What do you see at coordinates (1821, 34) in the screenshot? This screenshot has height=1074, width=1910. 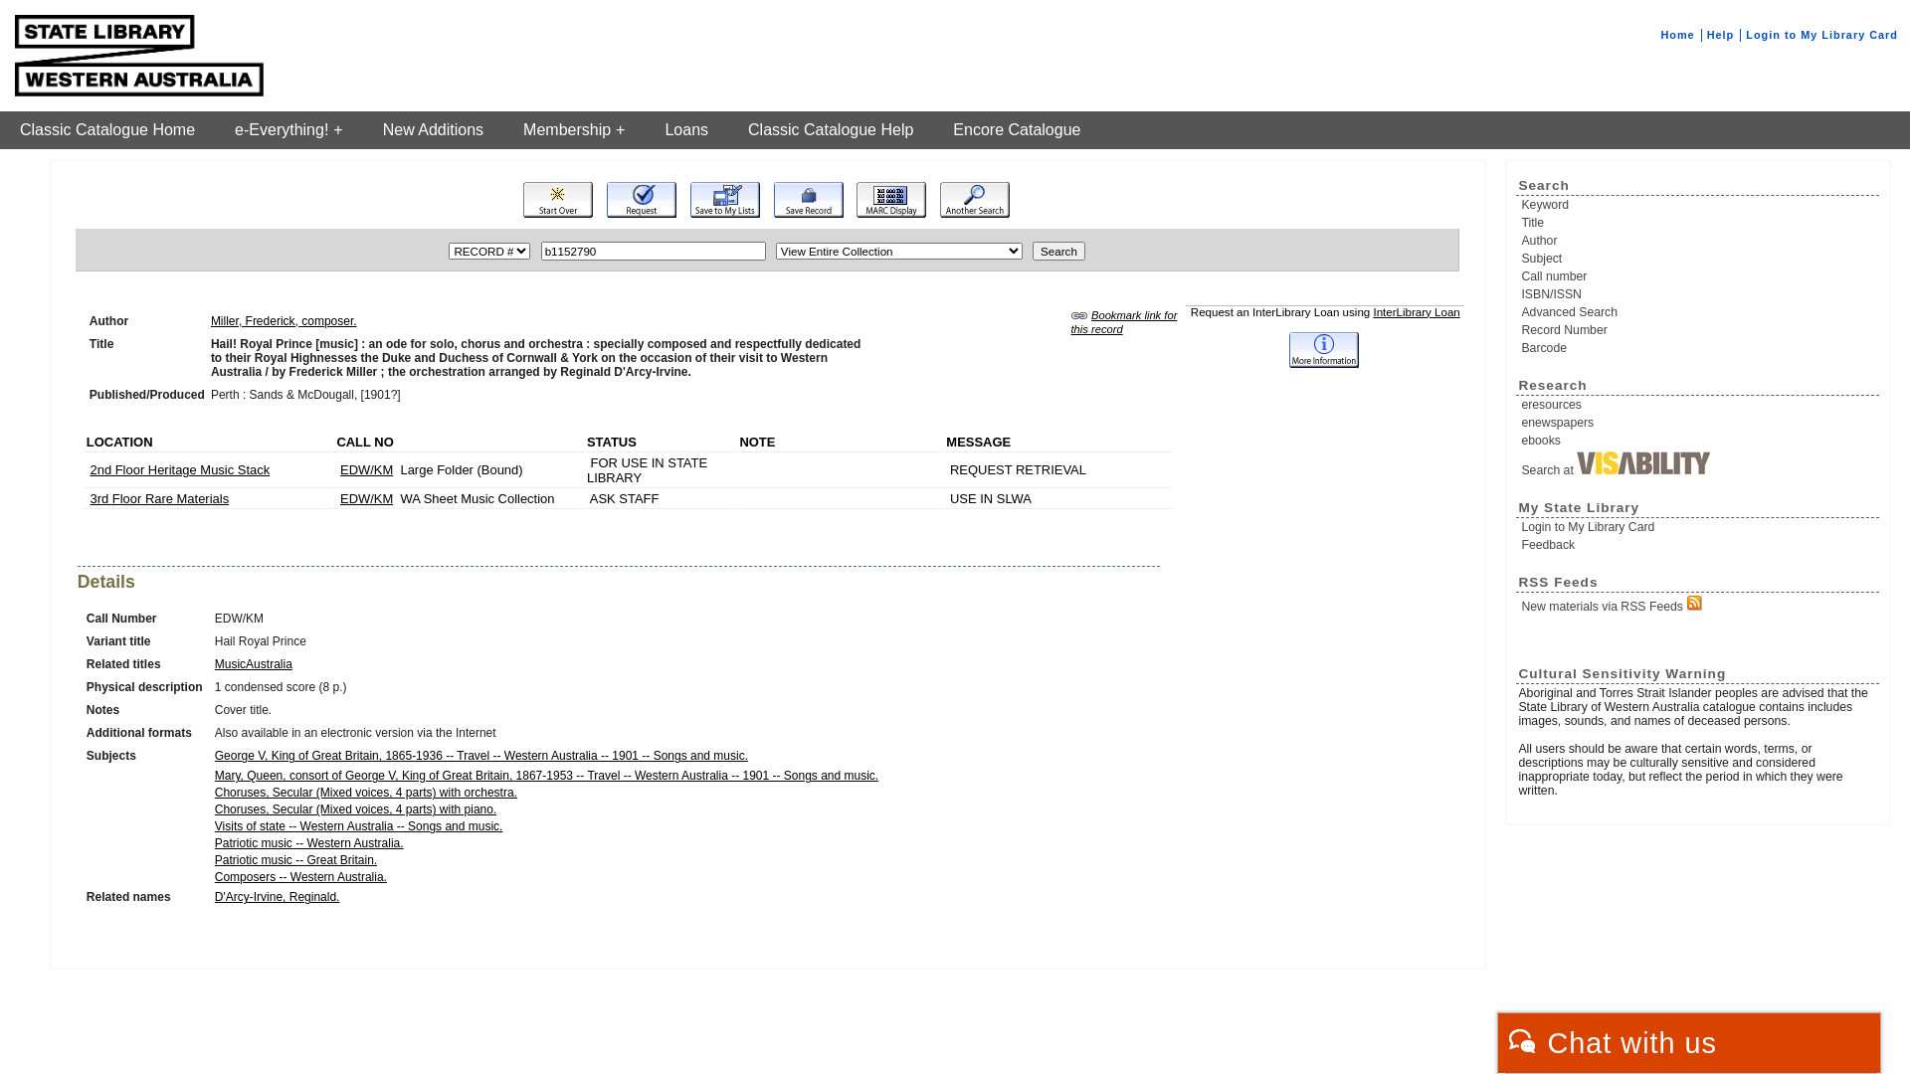 I see `'Login to My Library Card'` at bounding box center [1821, 34].